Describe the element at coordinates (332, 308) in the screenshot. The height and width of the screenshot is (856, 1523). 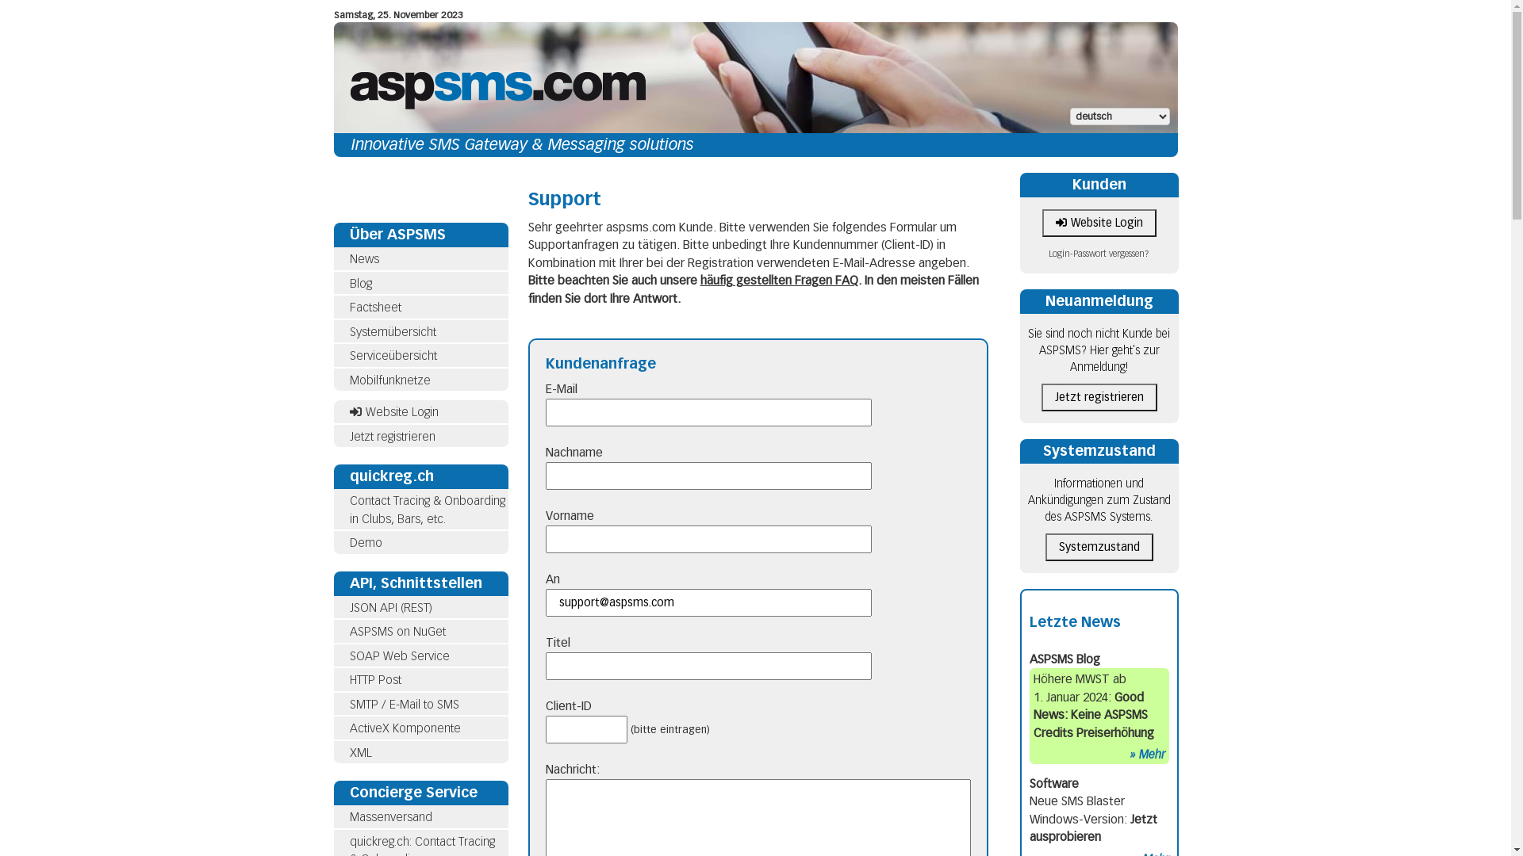
I see `'Factsheet'` at that location.